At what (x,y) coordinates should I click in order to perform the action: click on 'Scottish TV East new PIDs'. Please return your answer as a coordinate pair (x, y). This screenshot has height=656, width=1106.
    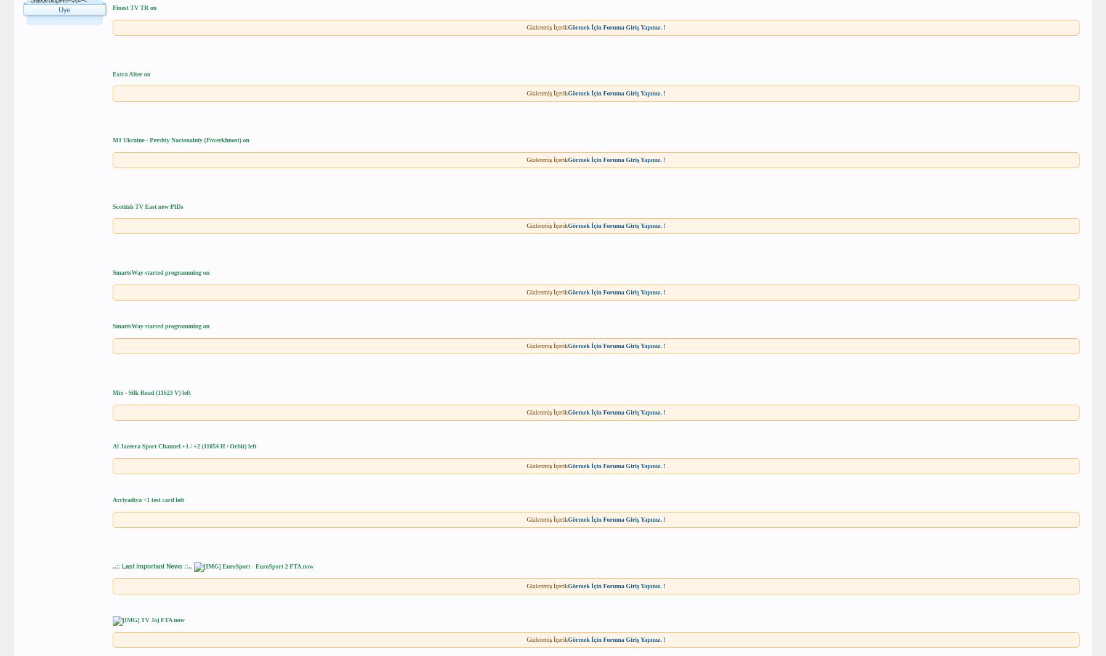
    Looking at the image, I should click on (147, 205).